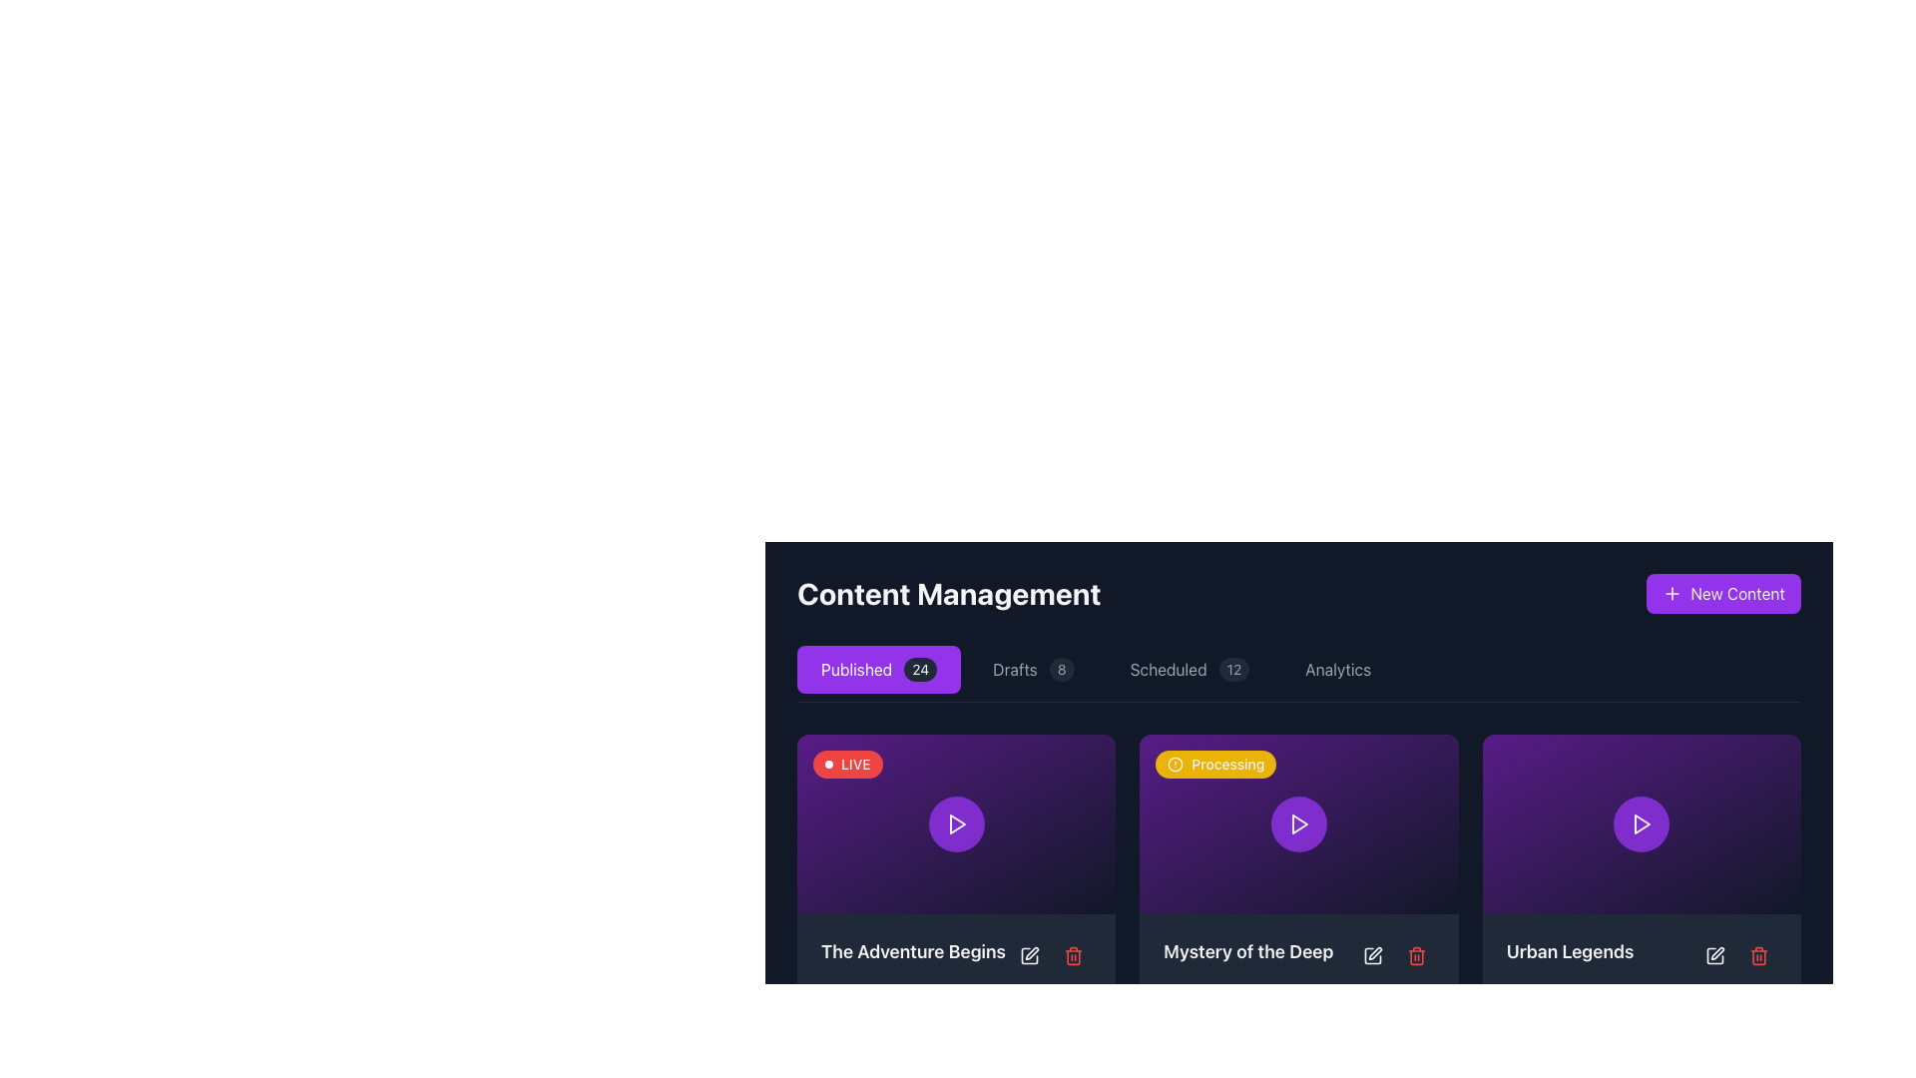 The image size is (1916, 1078). I want to click on the status badge text label indicating the processing status of the associated content item in the 'Mystery of the Deep' section, located at the top-left corner above the purple card, so click(1226, 764).